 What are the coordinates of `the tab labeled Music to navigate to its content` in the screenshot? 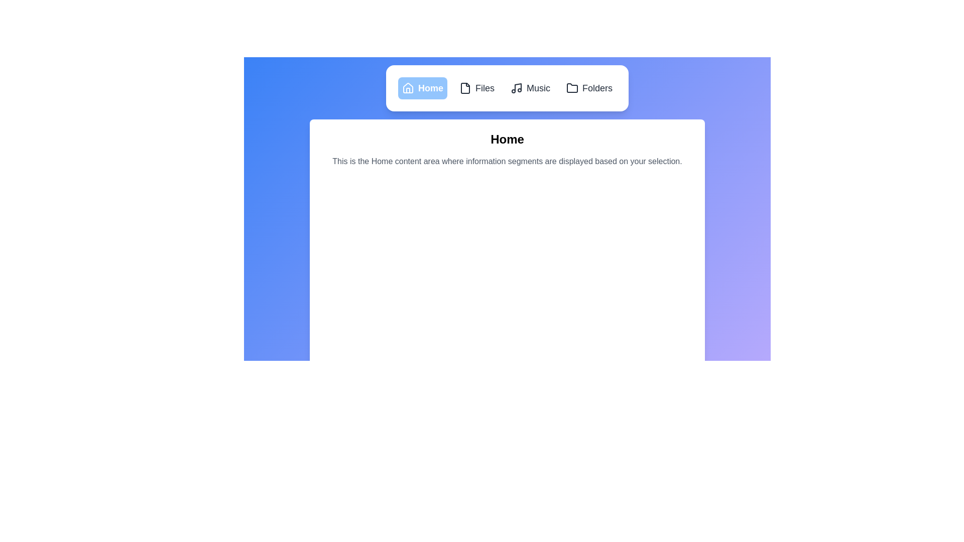 It's located at (530, 88).